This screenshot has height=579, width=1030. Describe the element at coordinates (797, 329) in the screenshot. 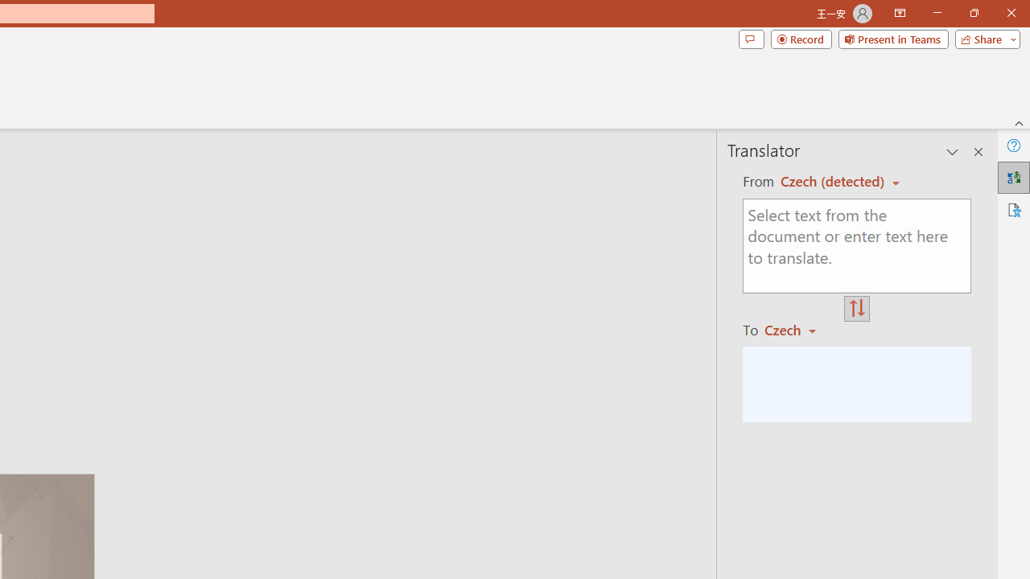

I see `'Czech'` at that location.